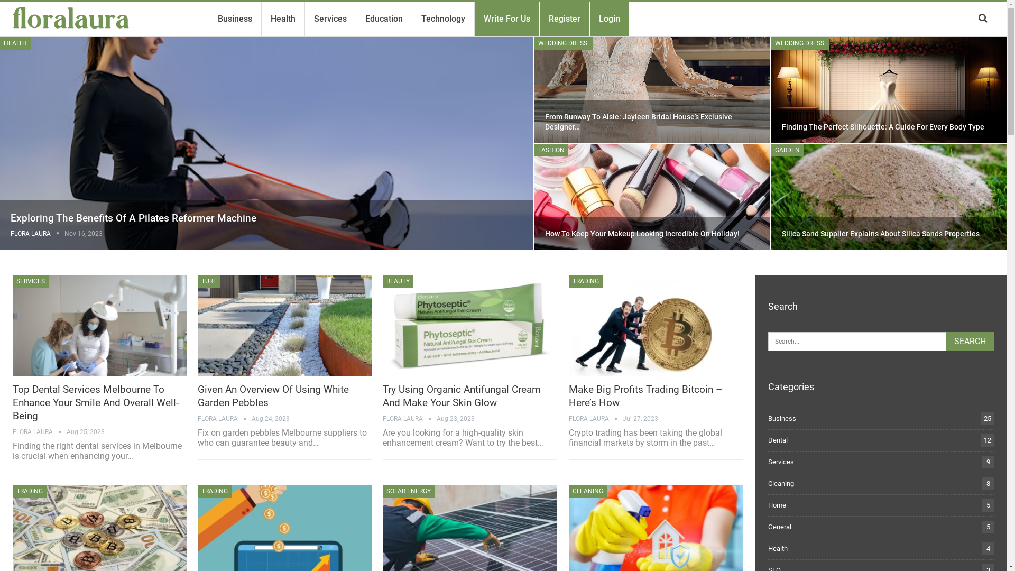 This screenshot has height=571, width=1015. What do you see at coordinates (550, 150) in the screenshot?
I see `'FASHION'` at bounding box center [550, 150].